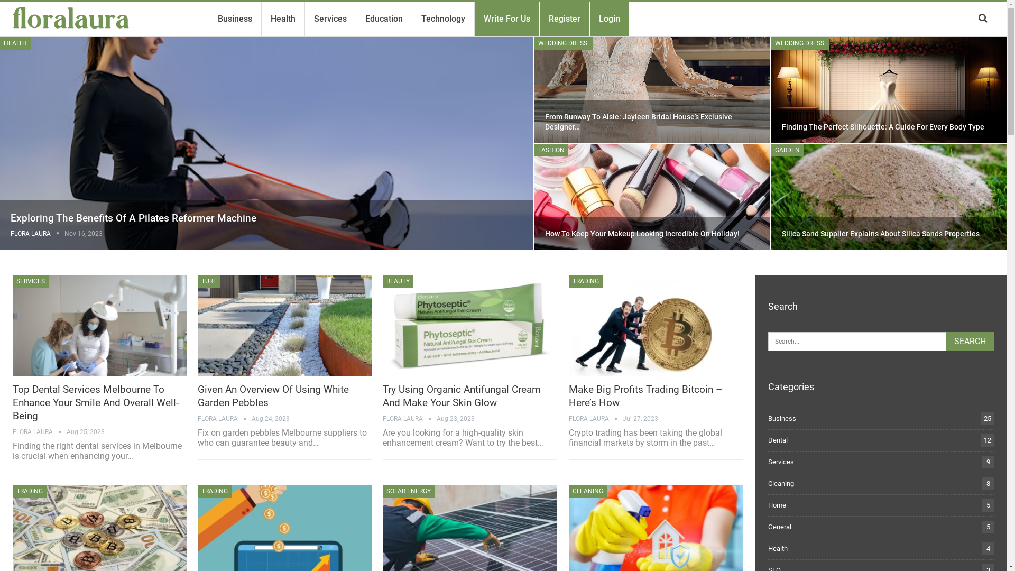 This screenshot has height=571, width=1015. What do you see at coordinates (550, 150) in the screenshot?
I see `'FASHION'` at bounding box center [550, 150].